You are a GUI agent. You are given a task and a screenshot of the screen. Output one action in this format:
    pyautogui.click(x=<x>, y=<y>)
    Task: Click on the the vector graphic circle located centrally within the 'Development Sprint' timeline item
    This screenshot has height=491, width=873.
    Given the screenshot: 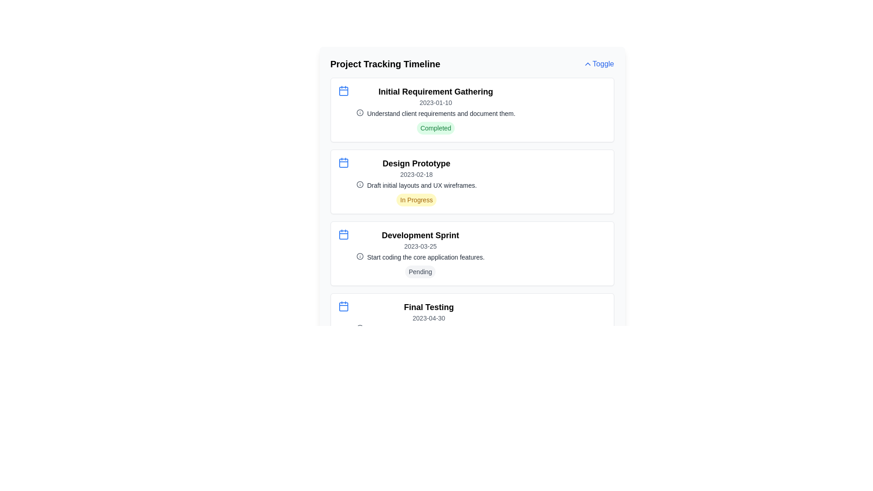 What is the action you would take?
    pyautogui.click(x=359, y=256)
    